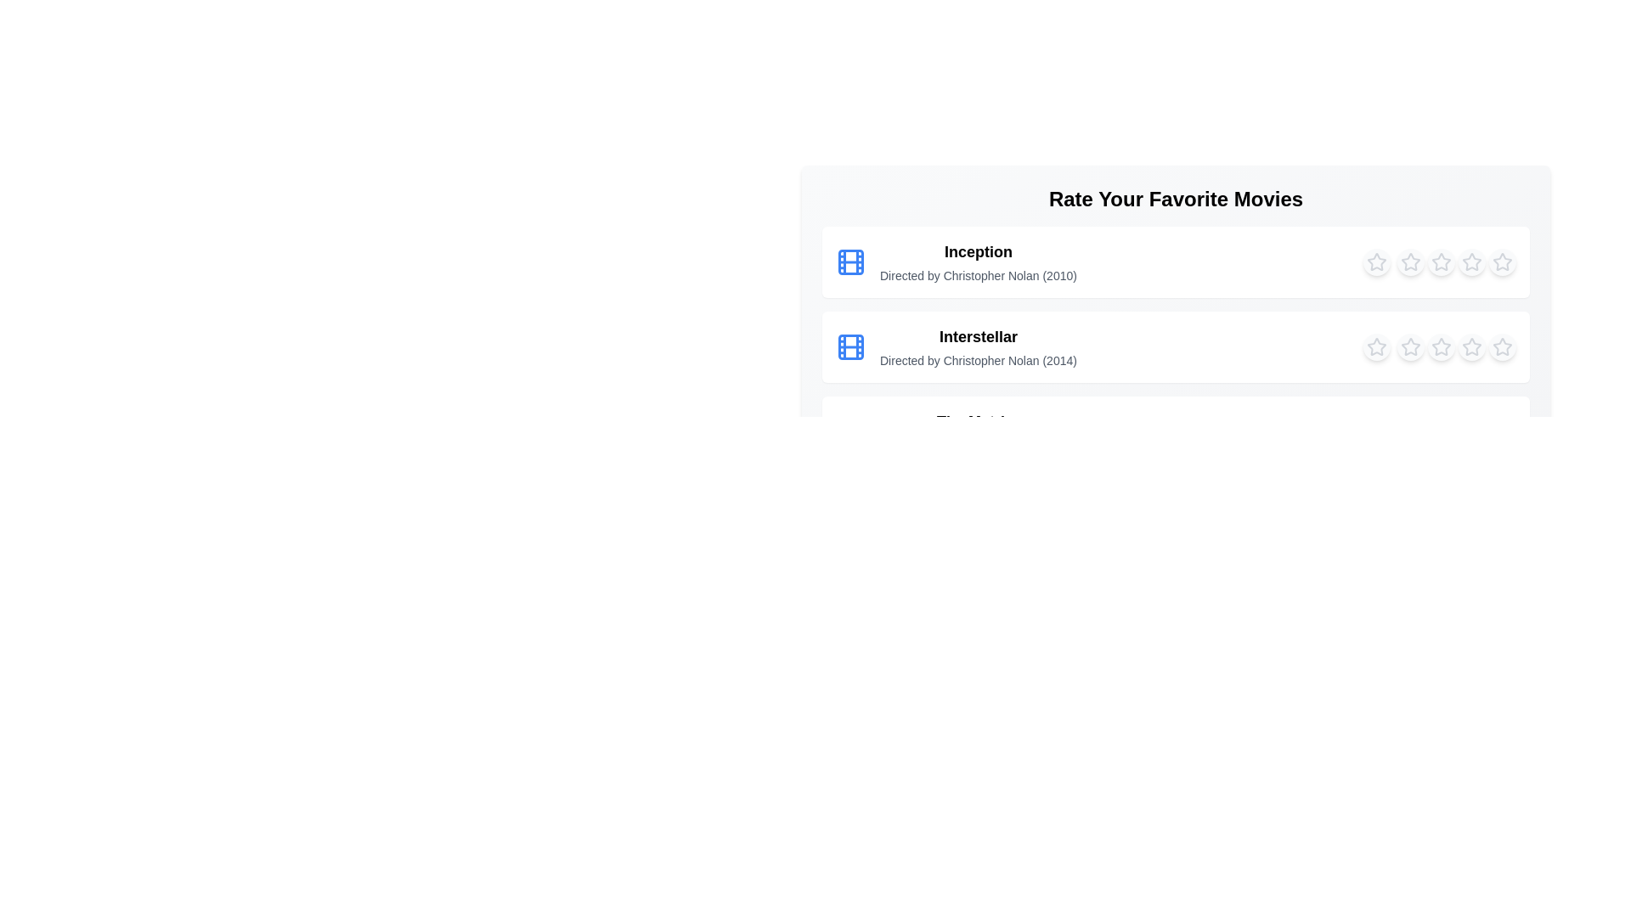 This screenshot has height=917, width=1631. Describe the element at coordinates (1470, 262) in the screenshot. I see `the 4 star to highlight it` at that location.